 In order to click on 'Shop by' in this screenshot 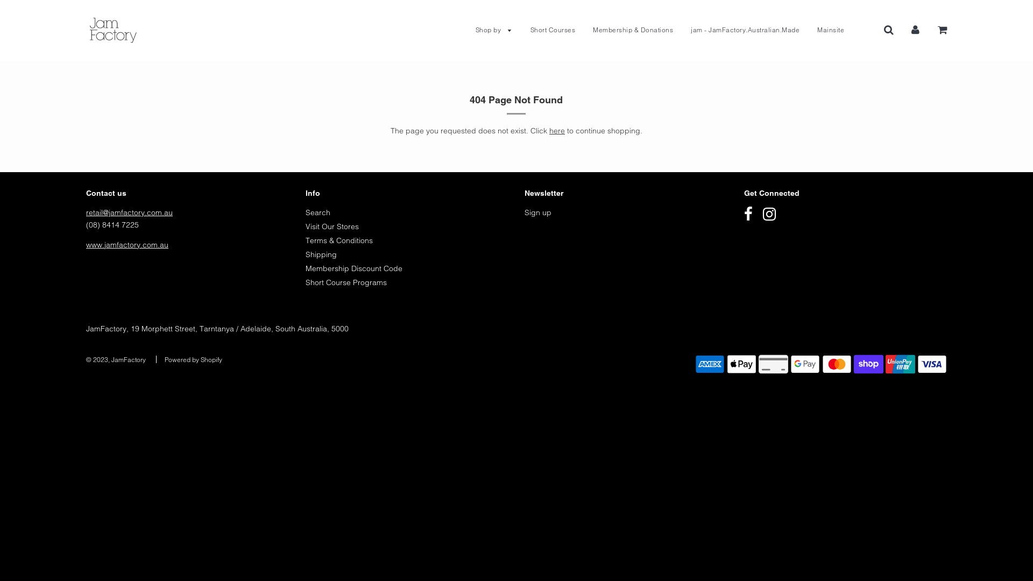, I will do `click(493, 30)`.